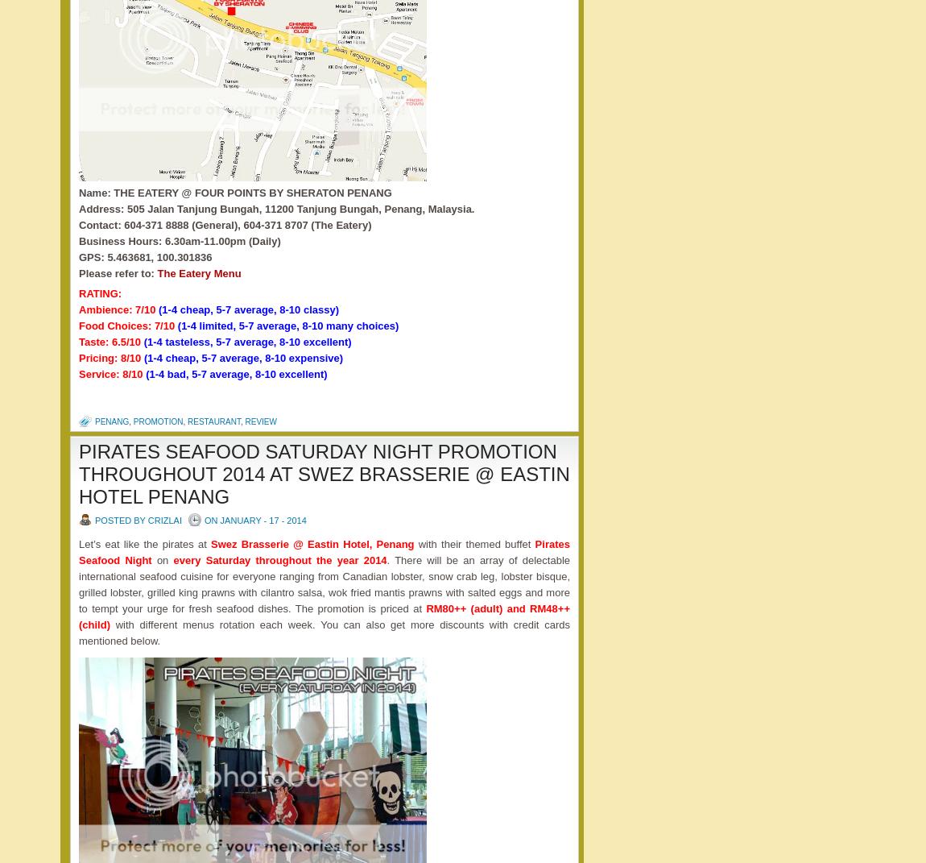 The width and height of the screenshot is (926, 863). I want to click on 'Contact: 604-371 8888 (General), 604-371 8707 (The Eatery)', so click(224, 224).